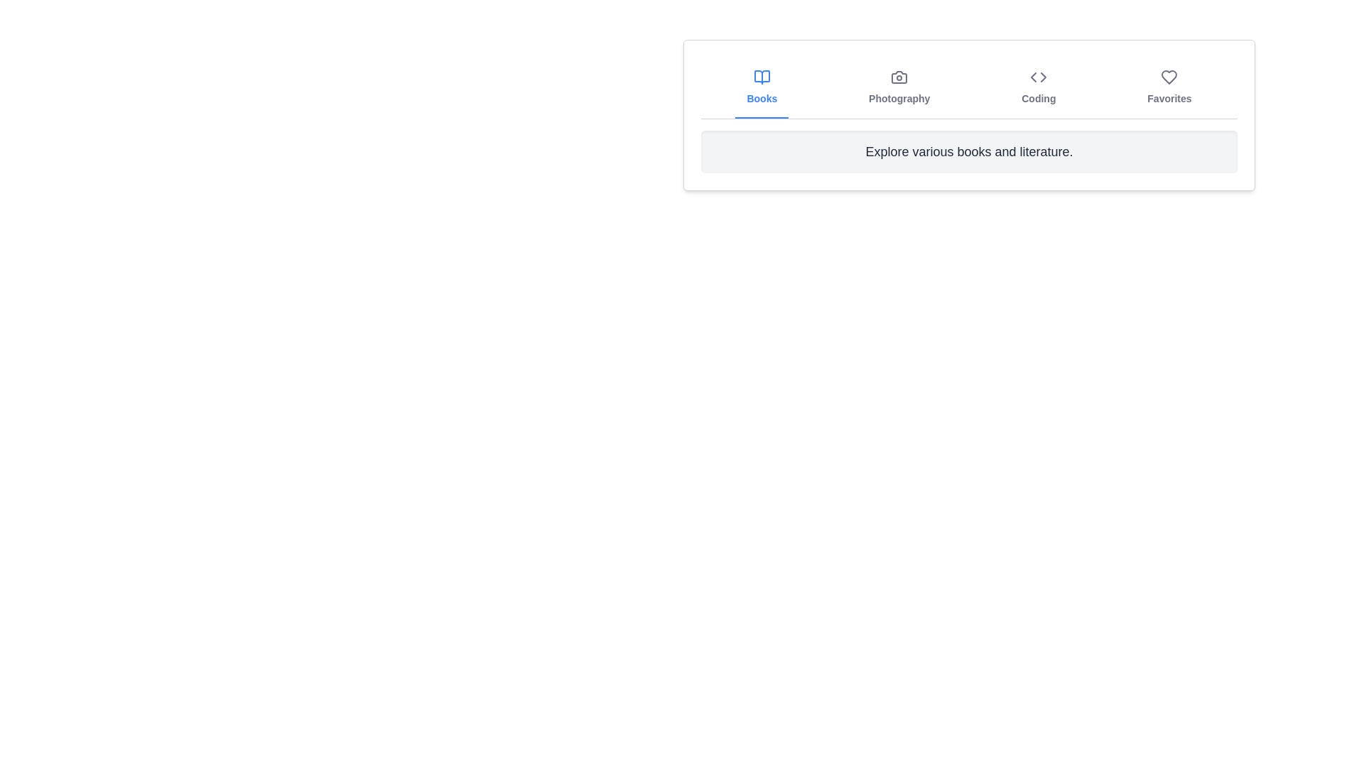 This screenshot has height=767, width=1364. I want to click on the 'Favorites' button, which features a heart icon above the label and is the fourth button in a horizontal set, positioned at the far-right side of the row, so click(1169, 87).